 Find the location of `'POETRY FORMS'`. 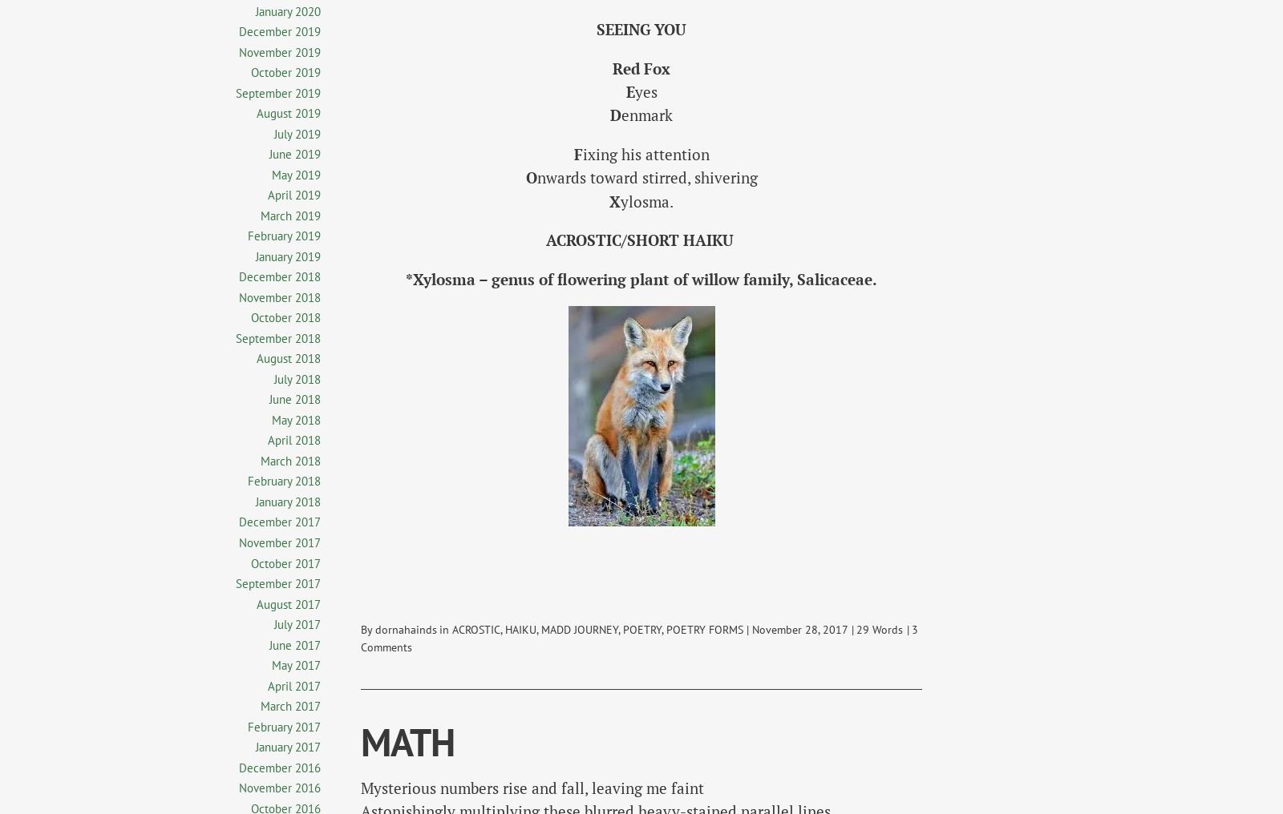

'POETRY FORMS' is located at coordinates (704, 627).